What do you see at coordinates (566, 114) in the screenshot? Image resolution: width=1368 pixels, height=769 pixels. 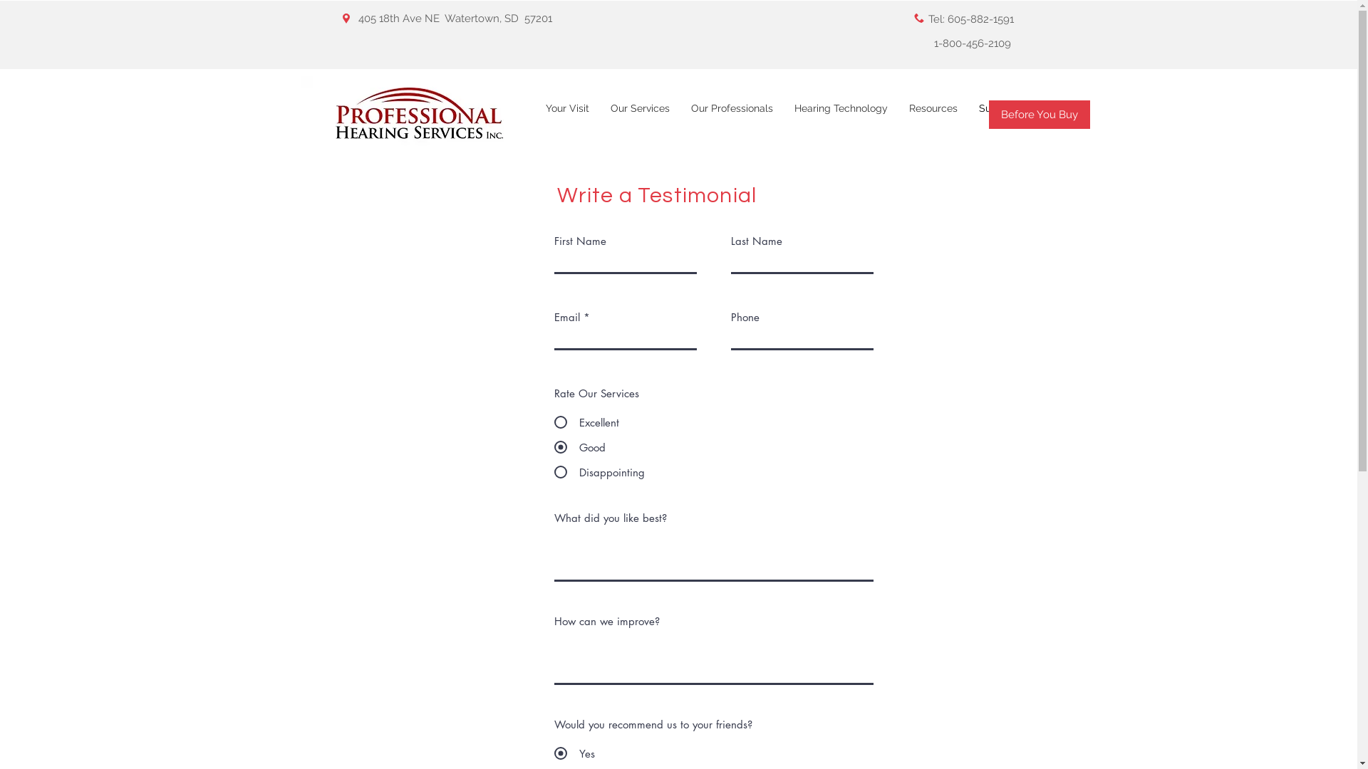 I see `'Your Visit'` at bounding box center [566, 114].